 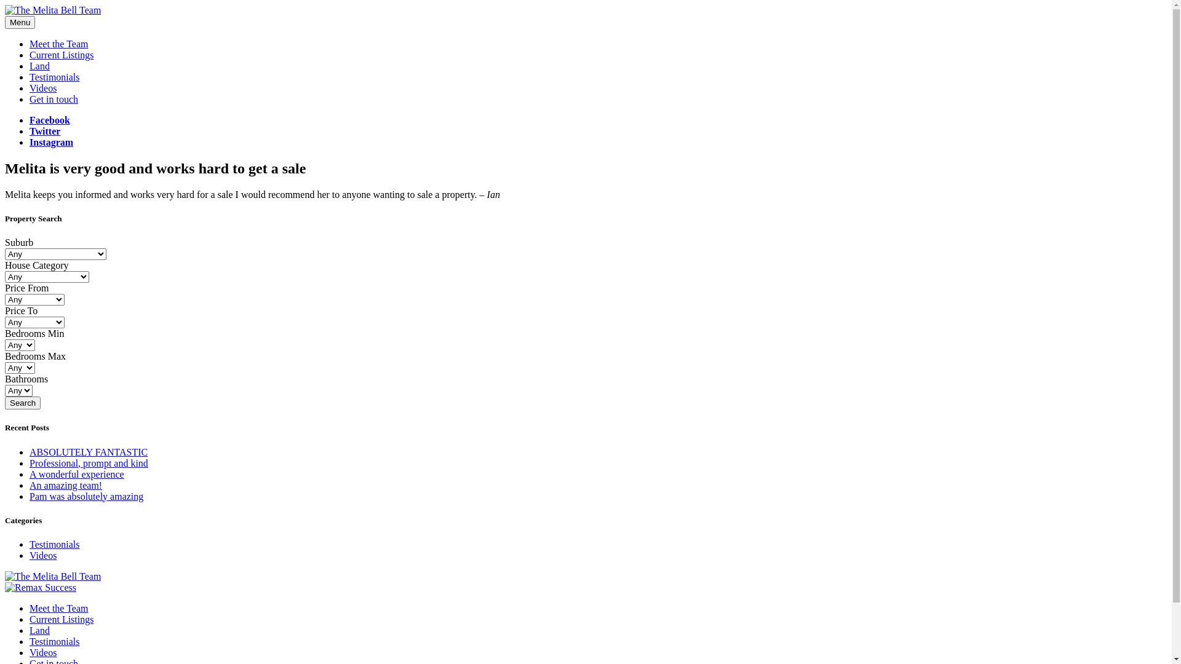 I want to click on 'Search', so click(x=23, y=403).